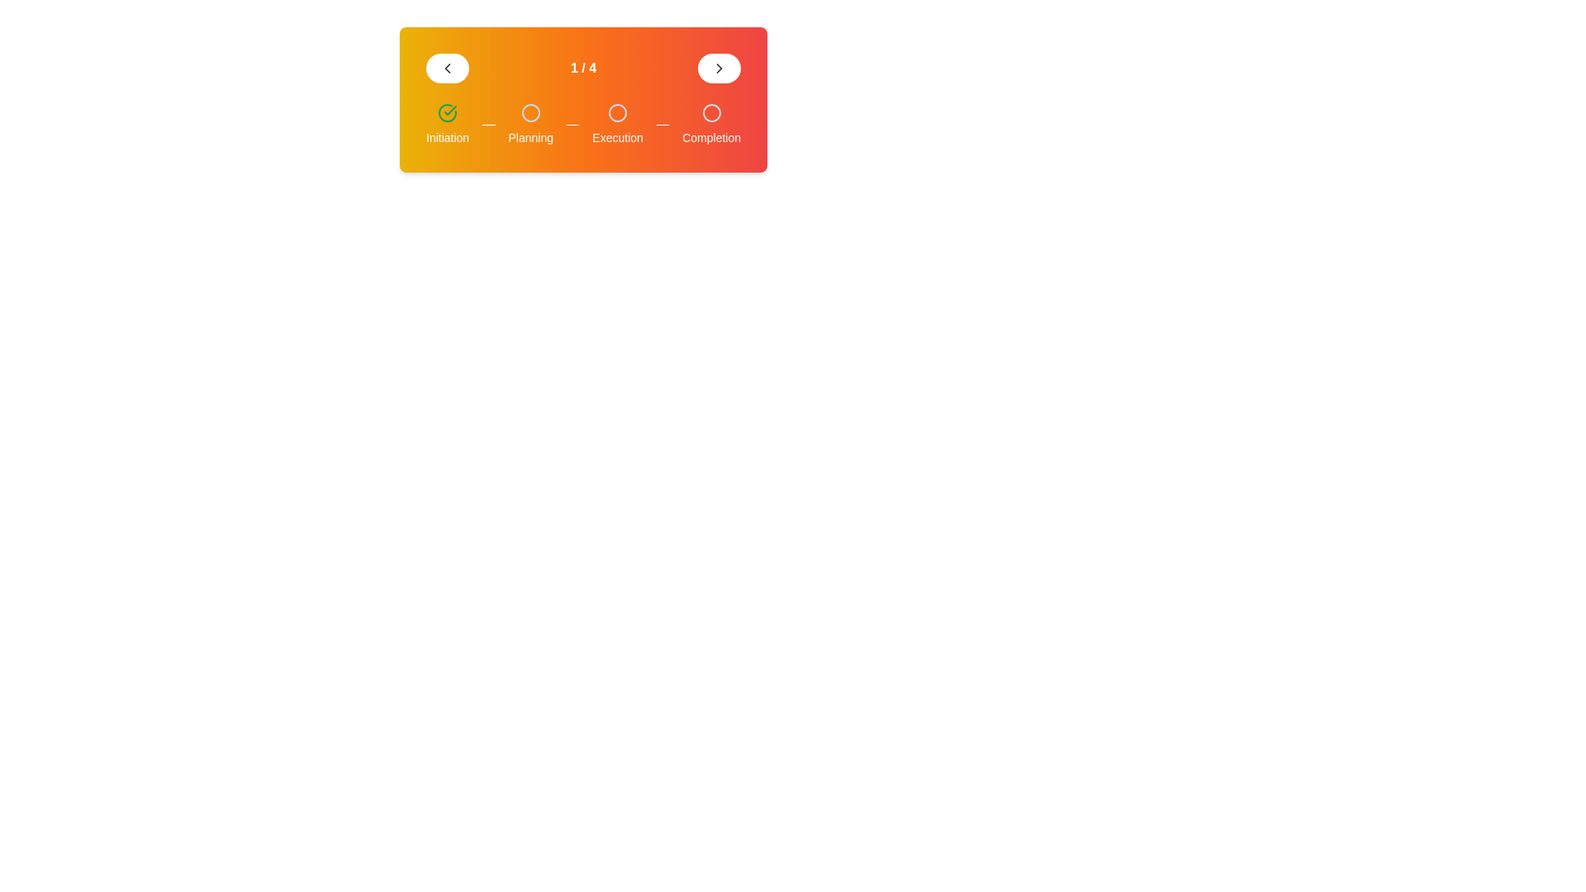  I want to click on the third horizontal white divider line located between the 'Planning' and 'Execution' stages in the progress indicator, so click(572, 123).